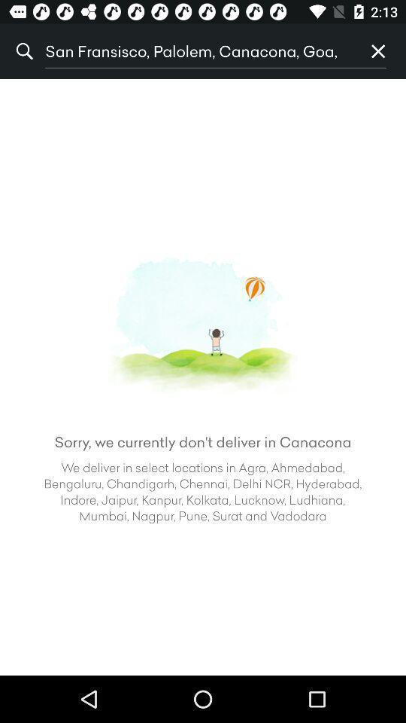 The width and height of the screenshot is (406, 723). What do you see at coordinates (198, 51) in the screenshot?
I see `item next to the % icon` at bounding box center [198, 51].